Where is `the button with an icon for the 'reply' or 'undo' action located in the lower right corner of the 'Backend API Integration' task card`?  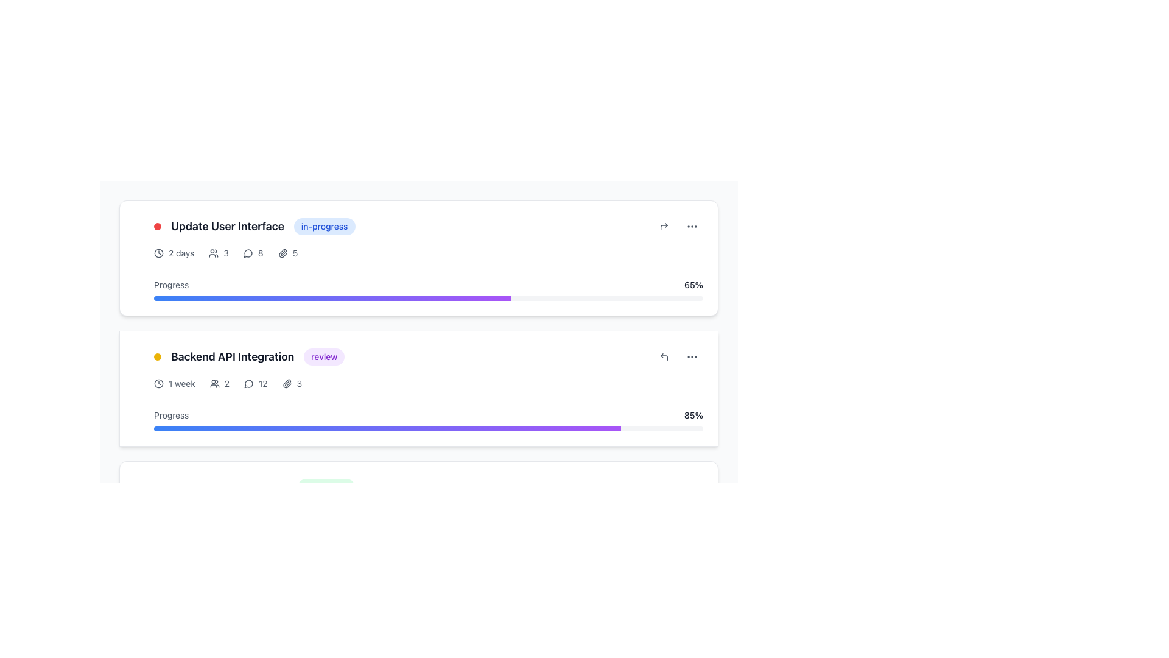 the button with an icon for the 'reply' or 'undo' action located in the lower right corner of the 'Backend API Integration' task card is located at coordinates (663, 356).